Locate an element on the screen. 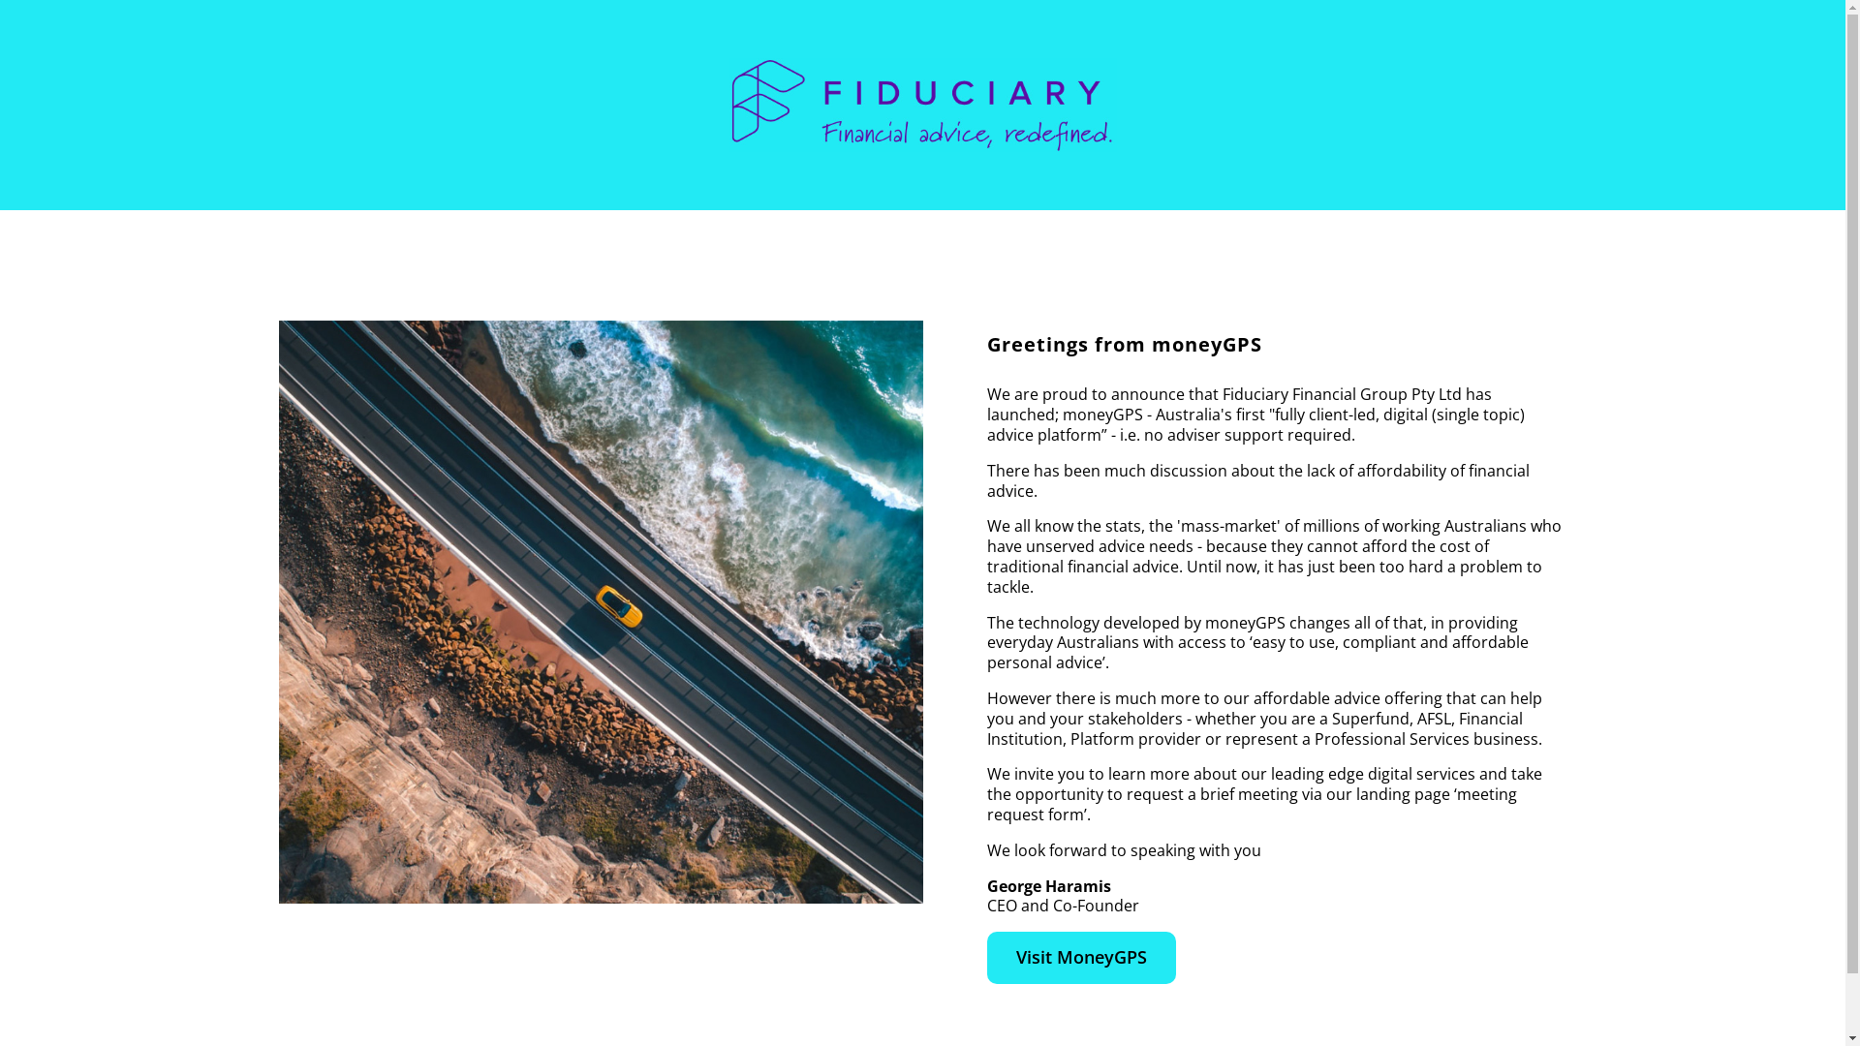 This screenshot has width=1860, height=1046. 'Visit MoneyGPS' is located at coordinates (1080, 956).